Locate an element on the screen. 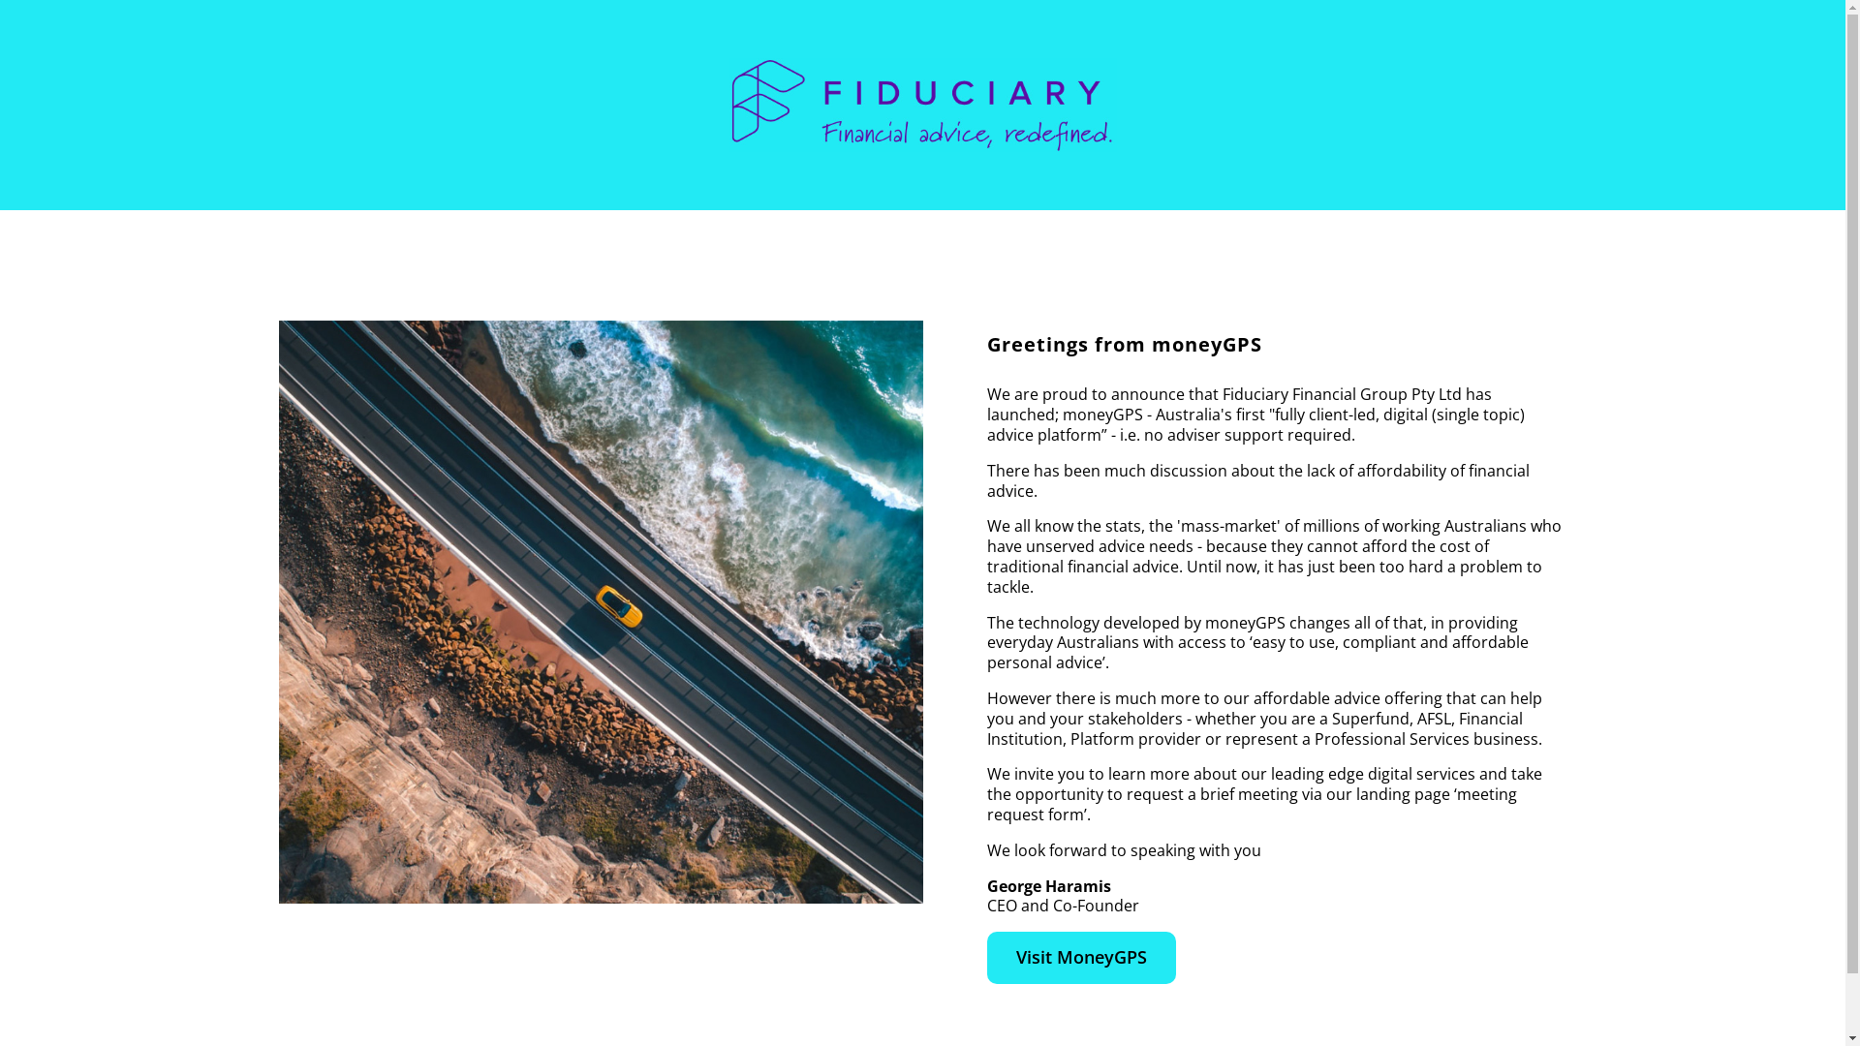 This screenshot has width=1860, height=1046. 'Visit MoneyGPS' is located at coordinates (1080, 956).